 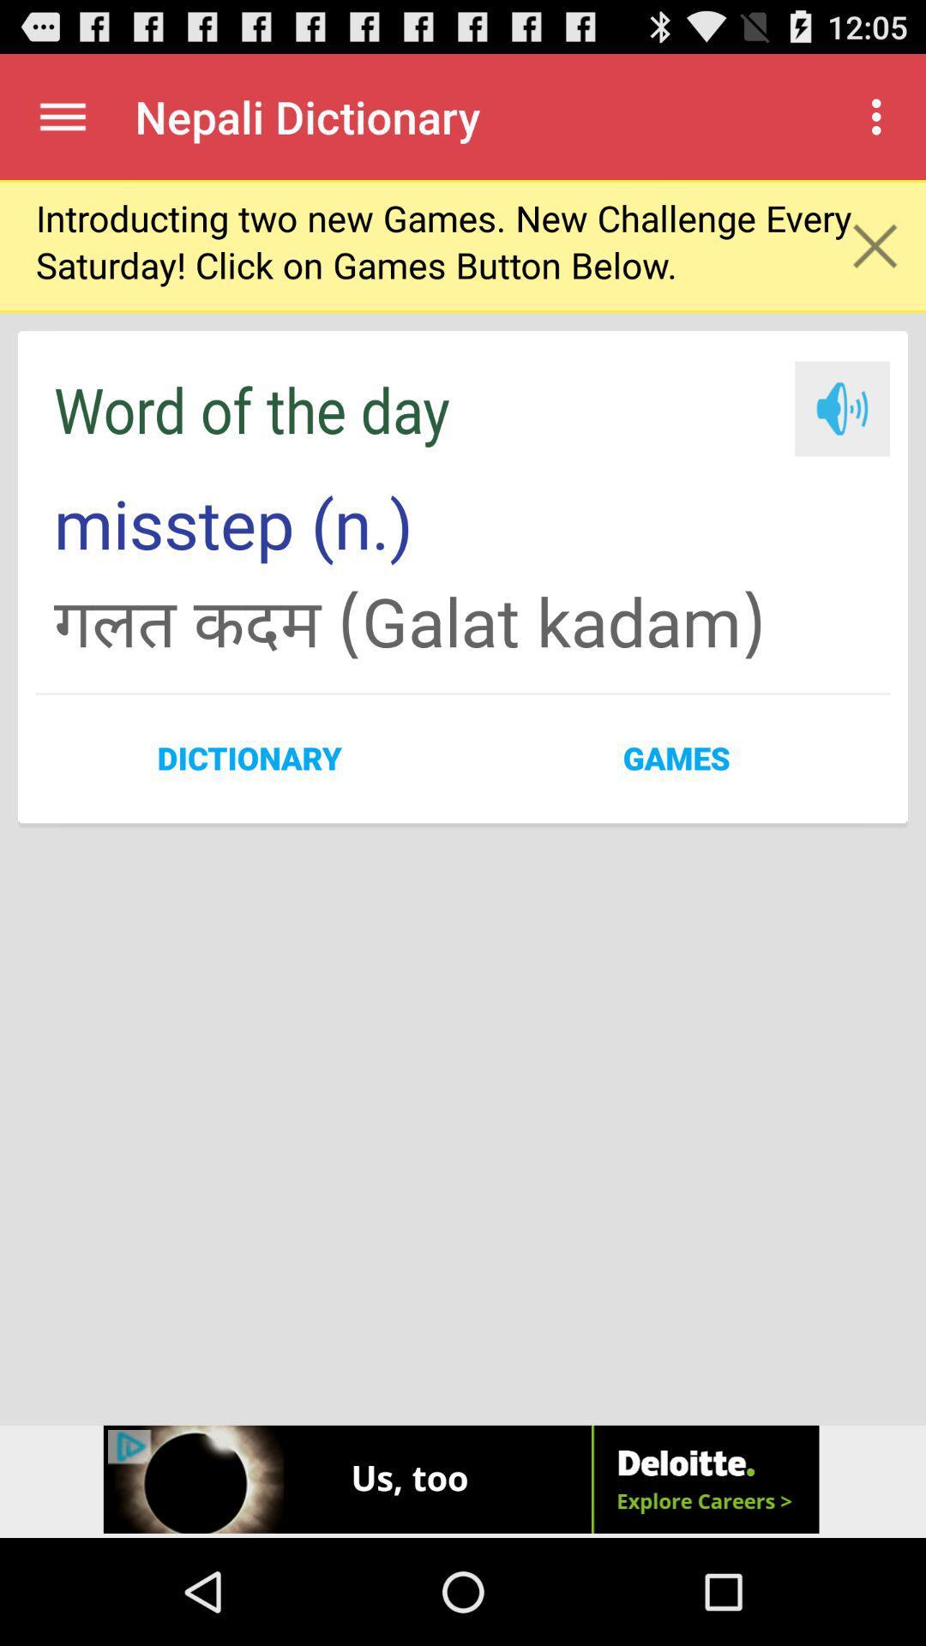 I want to click on the button below dictionary, so click(x=463, y=1481).